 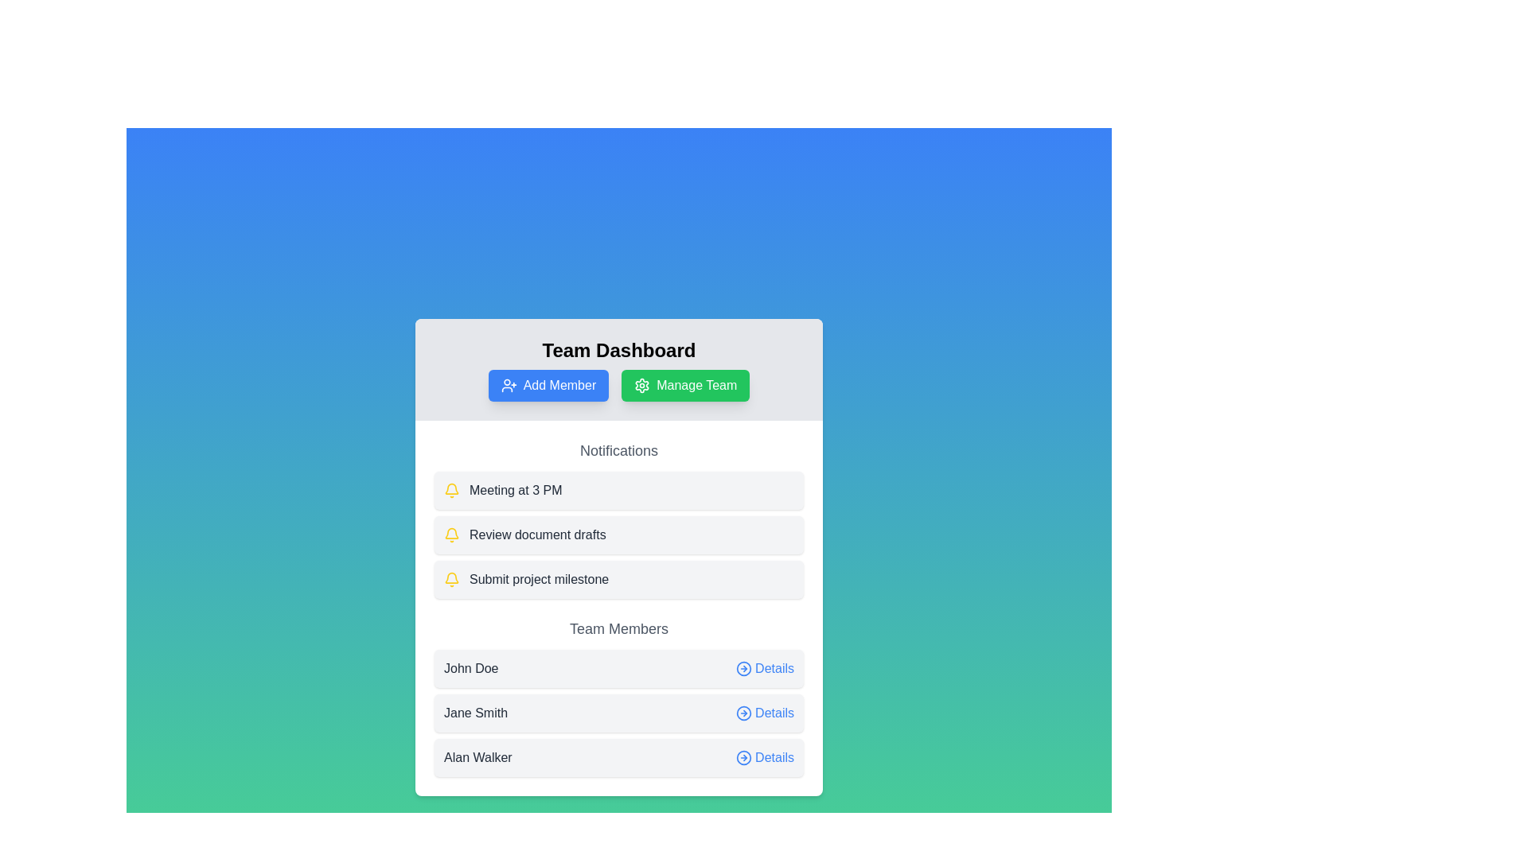 What do you see at coordinates (450, 577) in the screenshot?
I see `the visual indicator of the notification icon located to the left side of the 'Meeting at 3 PM' notification entry in the 'Notifications' list` at bounding box center [450, 577].